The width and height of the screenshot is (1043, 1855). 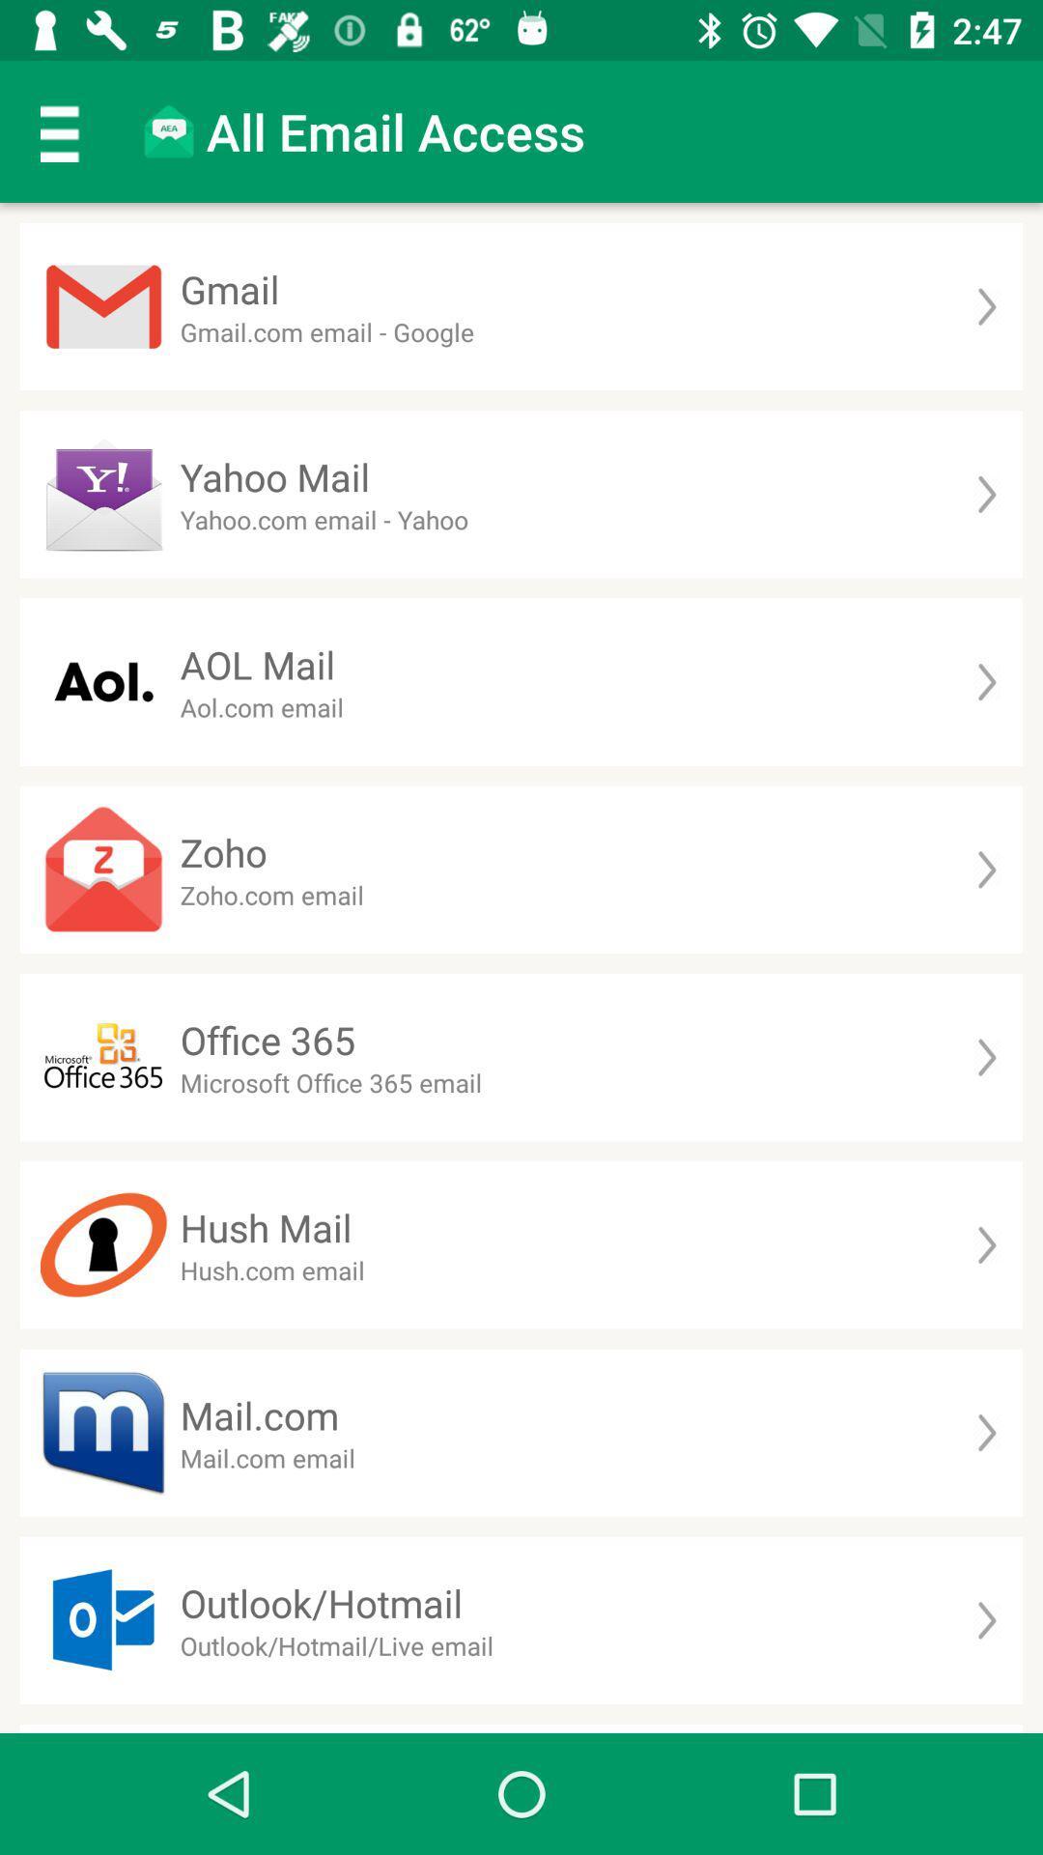 I want to click on hush mail item, so click(x=266, y=1226).